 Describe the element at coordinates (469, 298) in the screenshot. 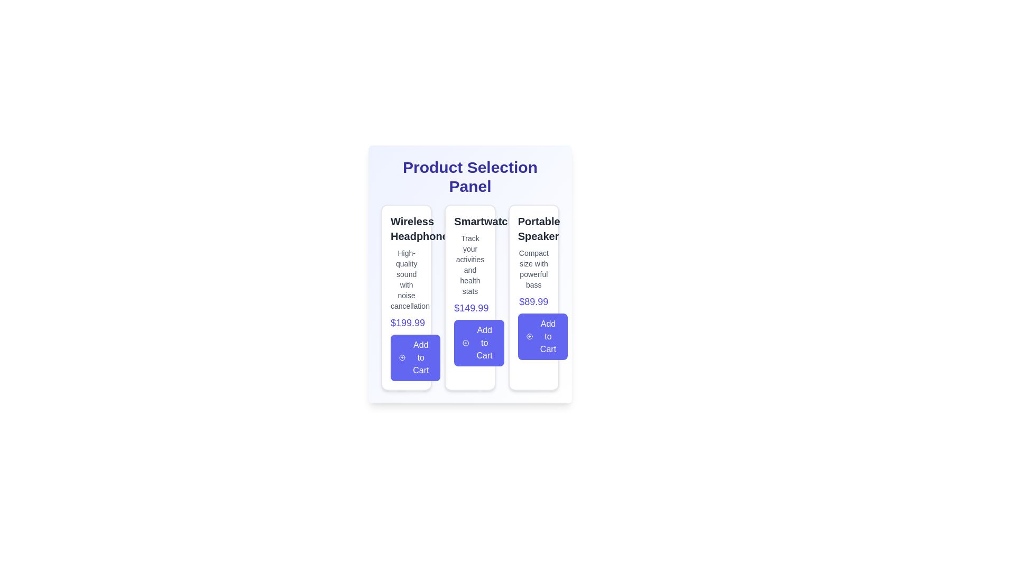

I see `the 'Smartwatch' product card in the 'Product Selection Panel' which contains the 'Add to Cart' button` at that location.